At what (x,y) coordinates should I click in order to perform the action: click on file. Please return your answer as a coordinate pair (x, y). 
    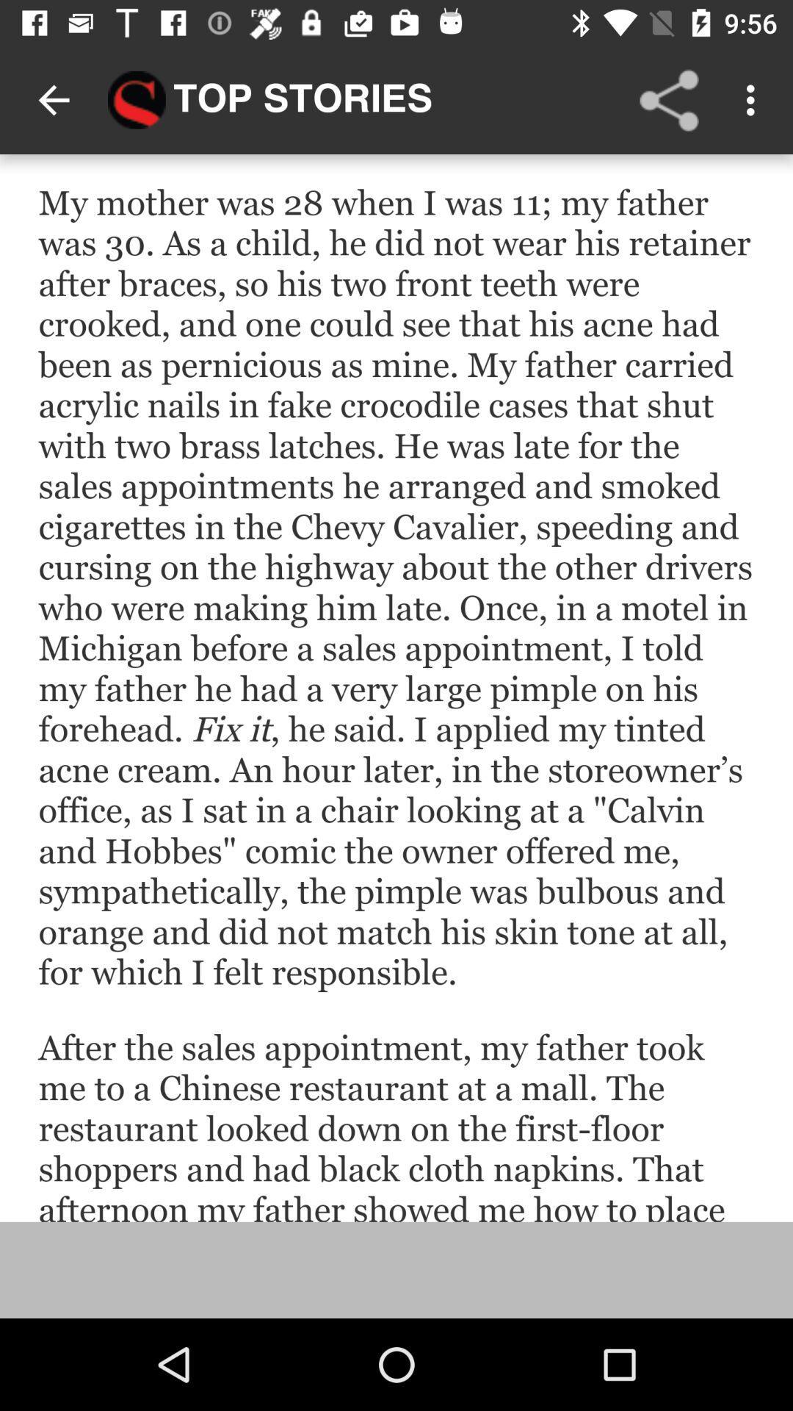
    Looking at the image, I should click on (396, 687).